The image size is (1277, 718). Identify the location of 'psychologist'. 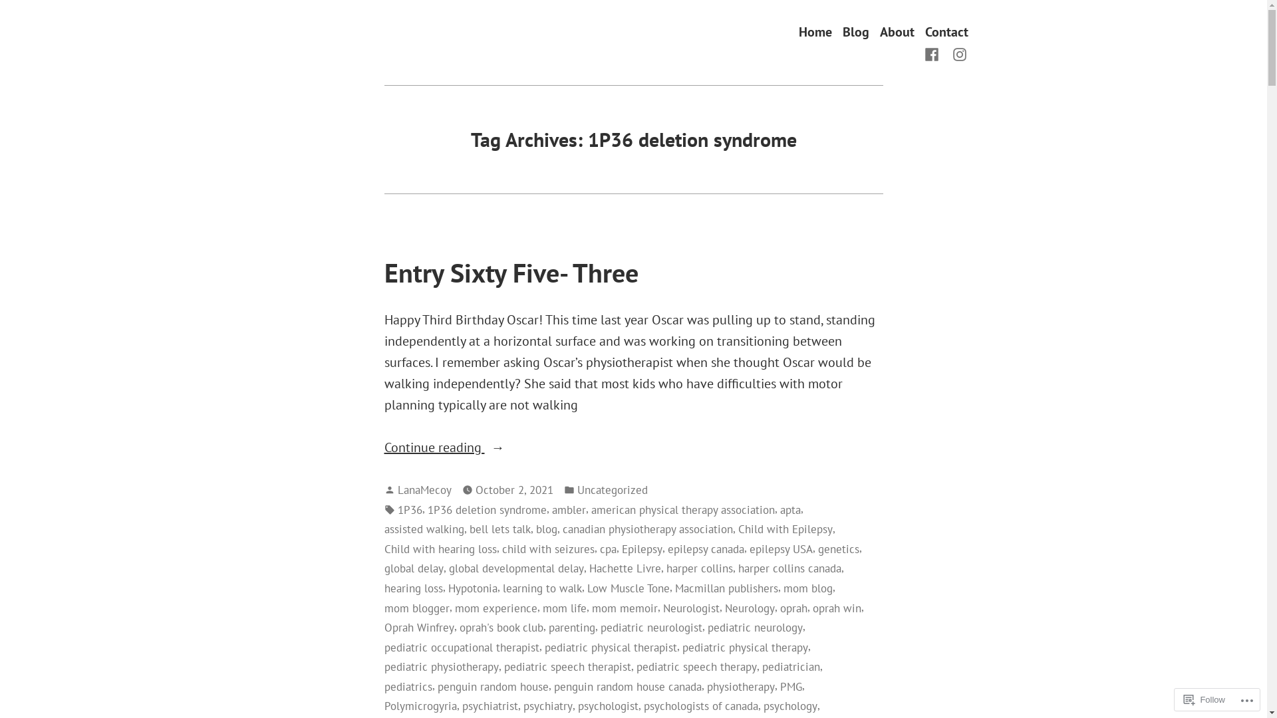
(607, 705).